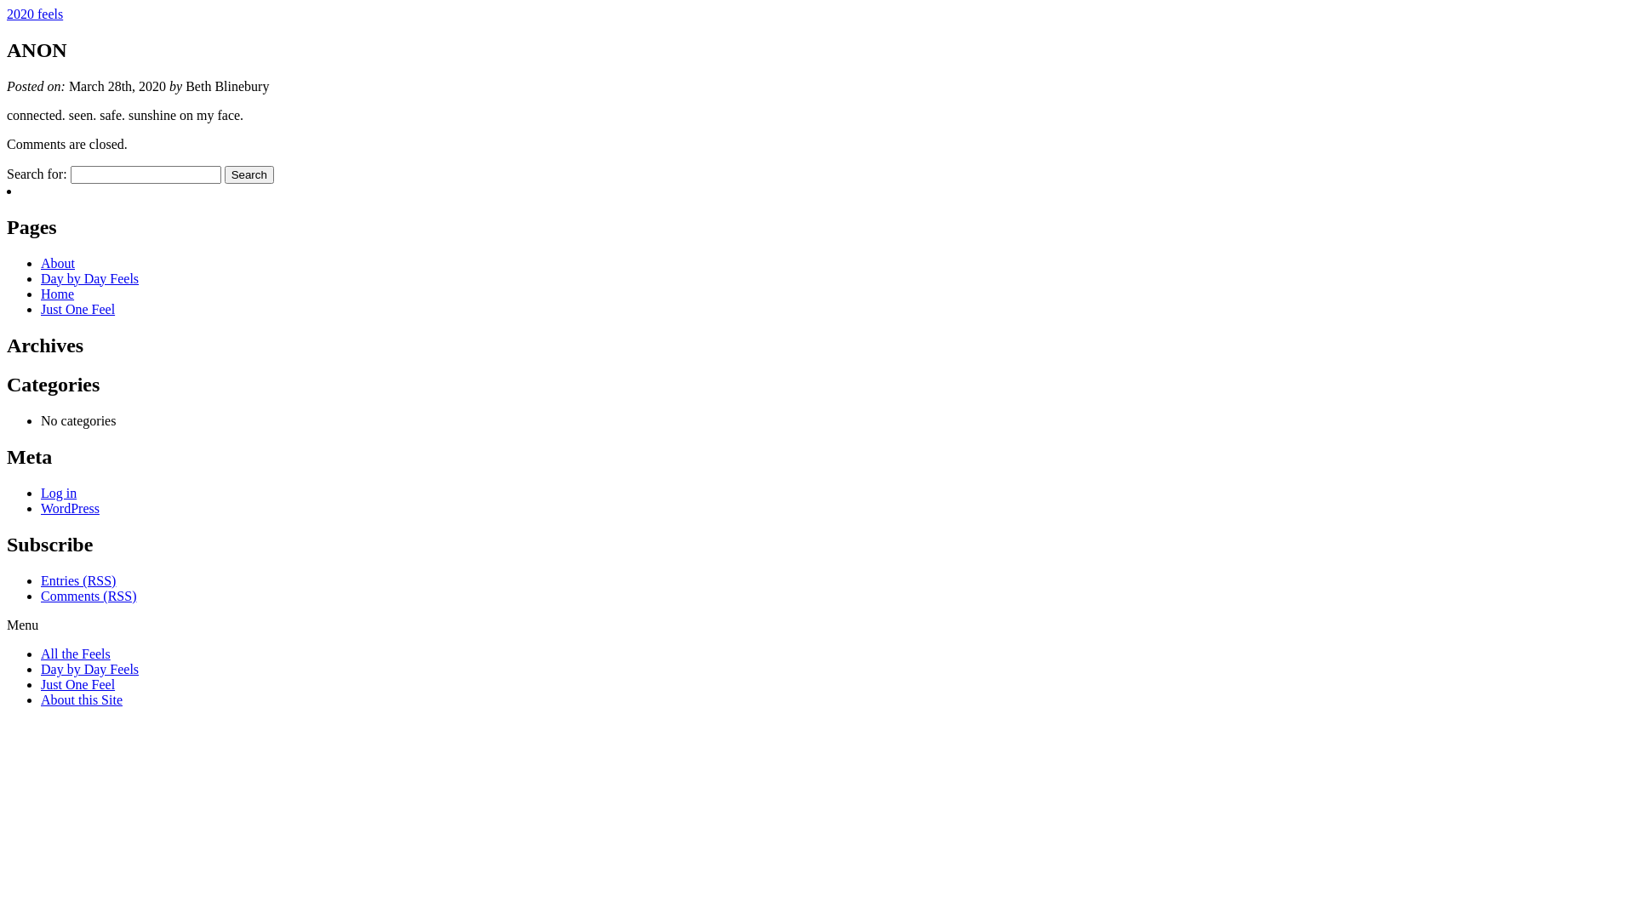 Image resolution: width=1634 pixels, height=919 pixels. What do you see at coordinates (35, 14) in the screenshot?
I see `'2020 feels'` at bounding box center [35, 14].